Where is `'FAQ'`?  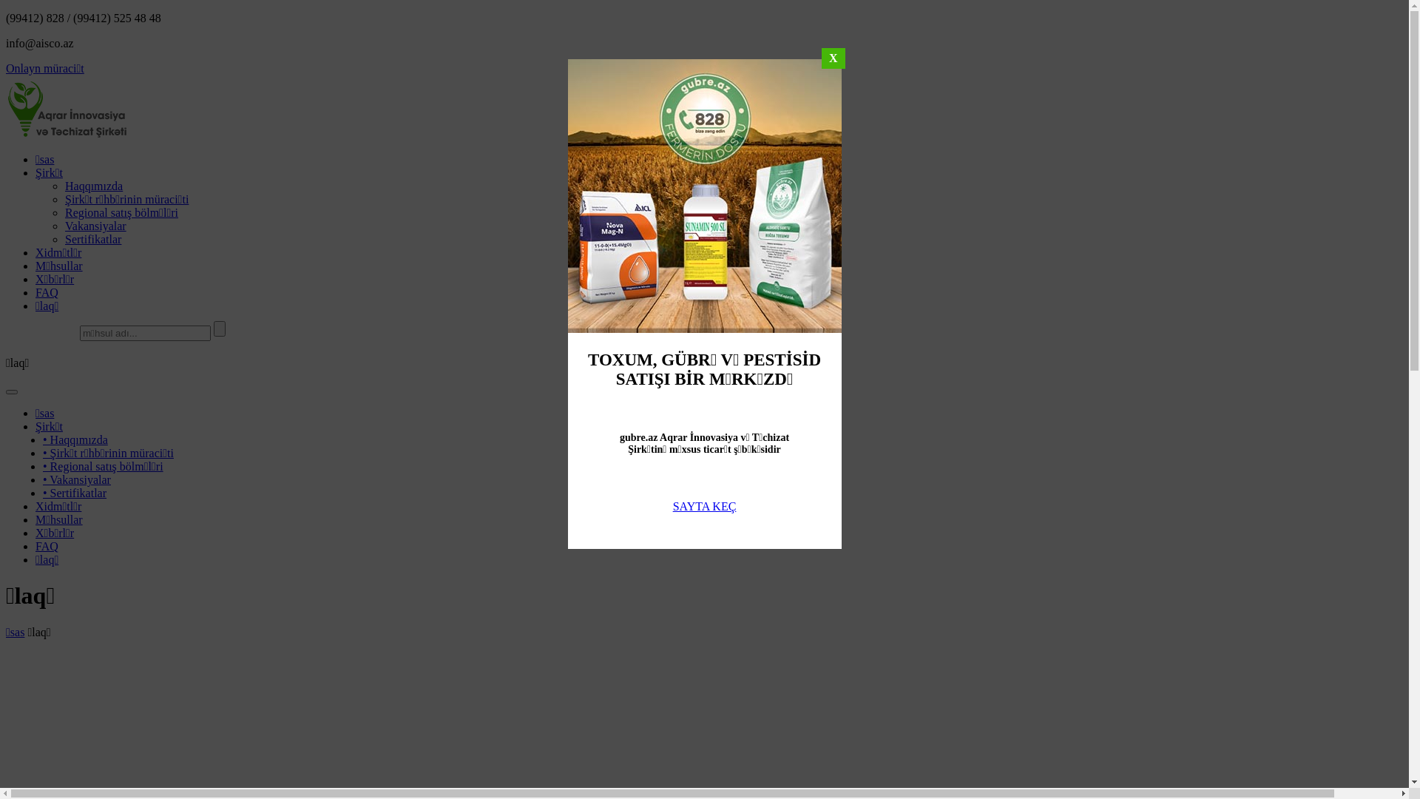 'FAQ' is located at coordinates (35, 546).